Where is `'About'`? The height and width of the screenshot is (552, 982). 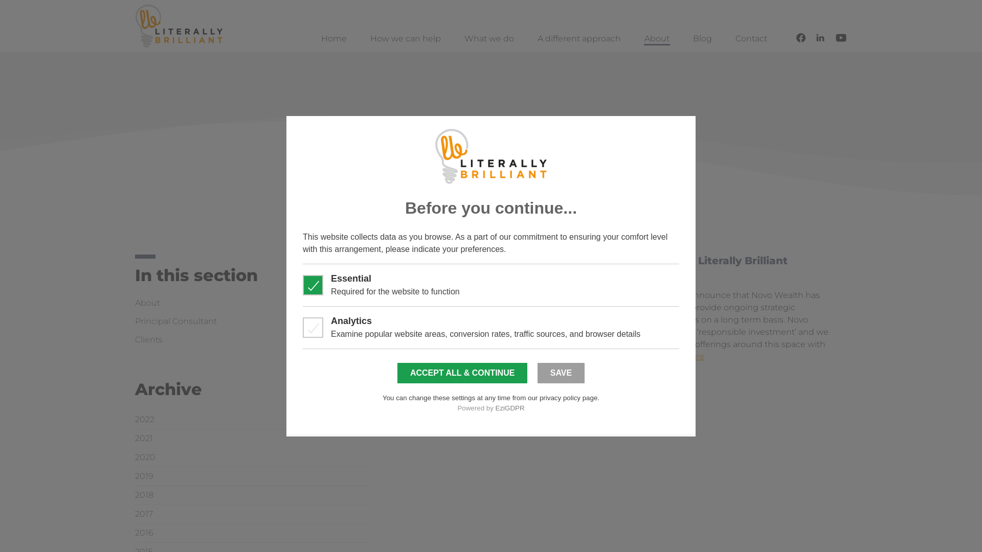 'About' is located at coordinates (135, 302).